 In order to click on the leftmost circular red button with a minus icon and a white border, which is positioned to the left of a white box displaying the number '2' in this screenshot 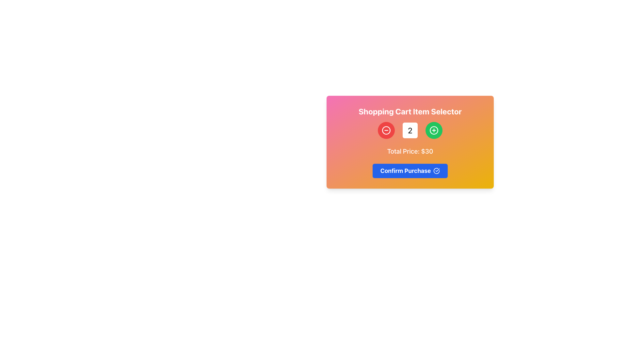, I will do `click(386, 130)`.